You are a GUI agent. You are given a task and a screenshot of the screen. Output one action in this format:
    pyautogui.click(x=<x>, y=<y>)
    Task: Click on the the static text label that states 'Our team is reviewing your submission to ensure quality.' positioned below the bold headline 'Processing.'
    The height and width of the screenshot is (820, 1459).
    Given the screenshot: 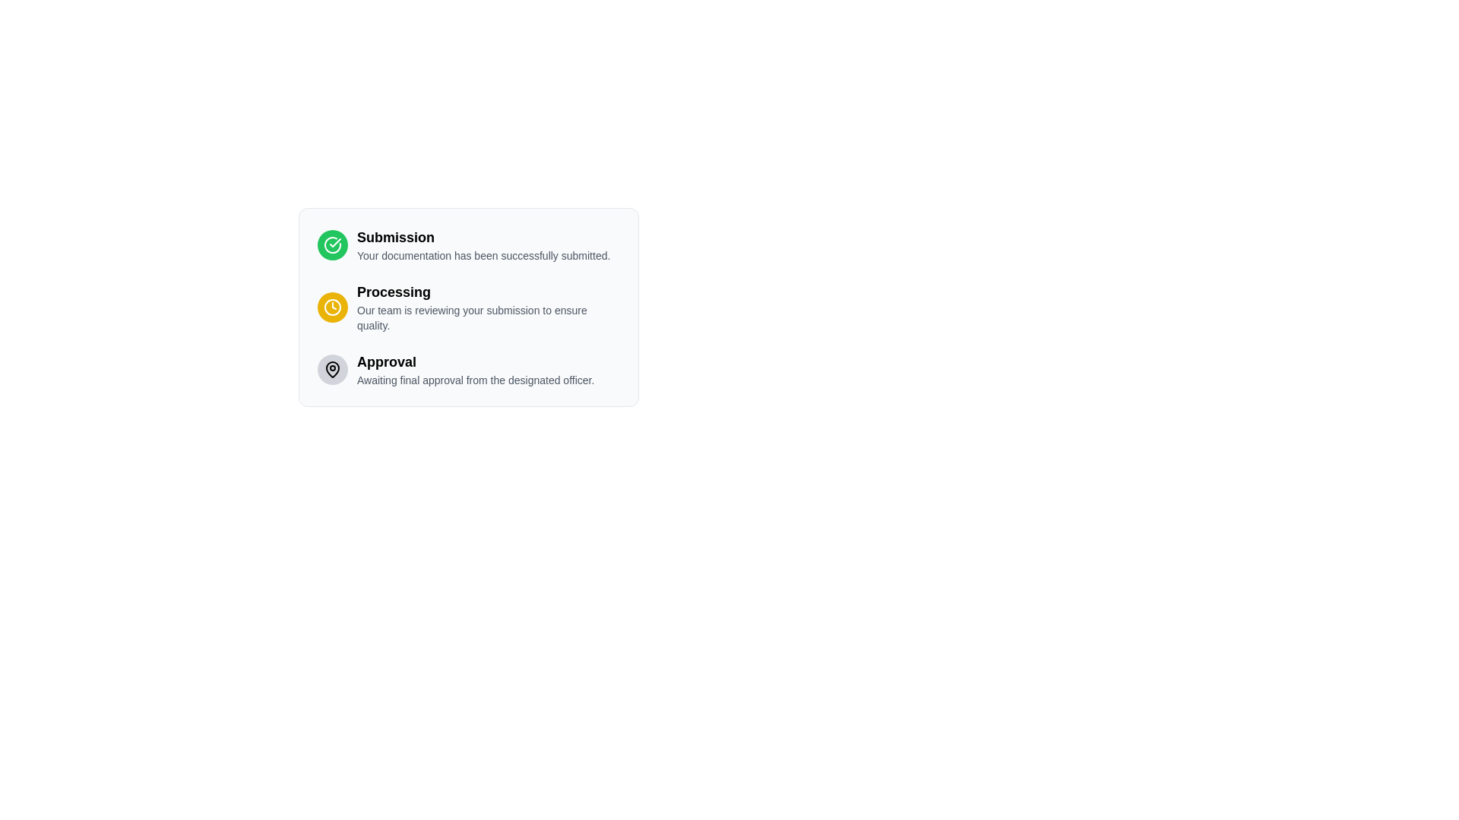 What is the action you would take?
    pyautogui.click(x=489, y=317)
    